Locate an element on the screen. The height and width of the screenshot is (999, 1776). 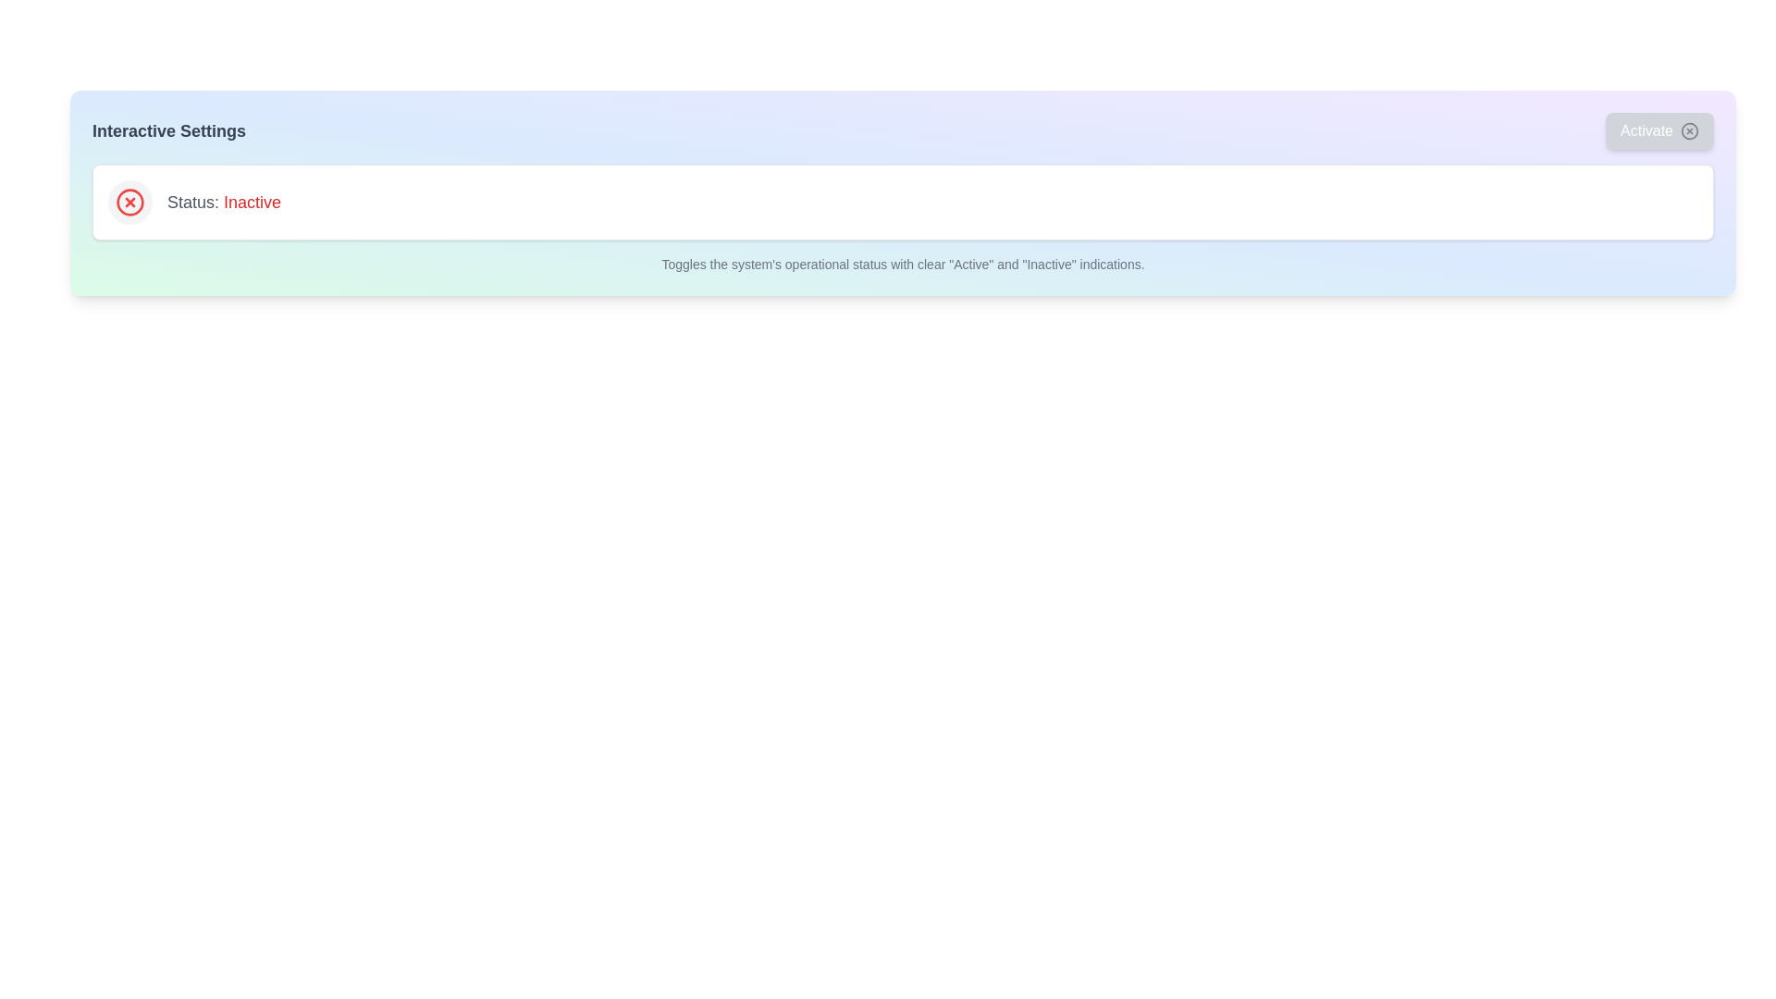
the 'Activate' text button located in the top-right corner of the interactive section, which is styled in white on a light gray background is located at coordinates (1646, 130).